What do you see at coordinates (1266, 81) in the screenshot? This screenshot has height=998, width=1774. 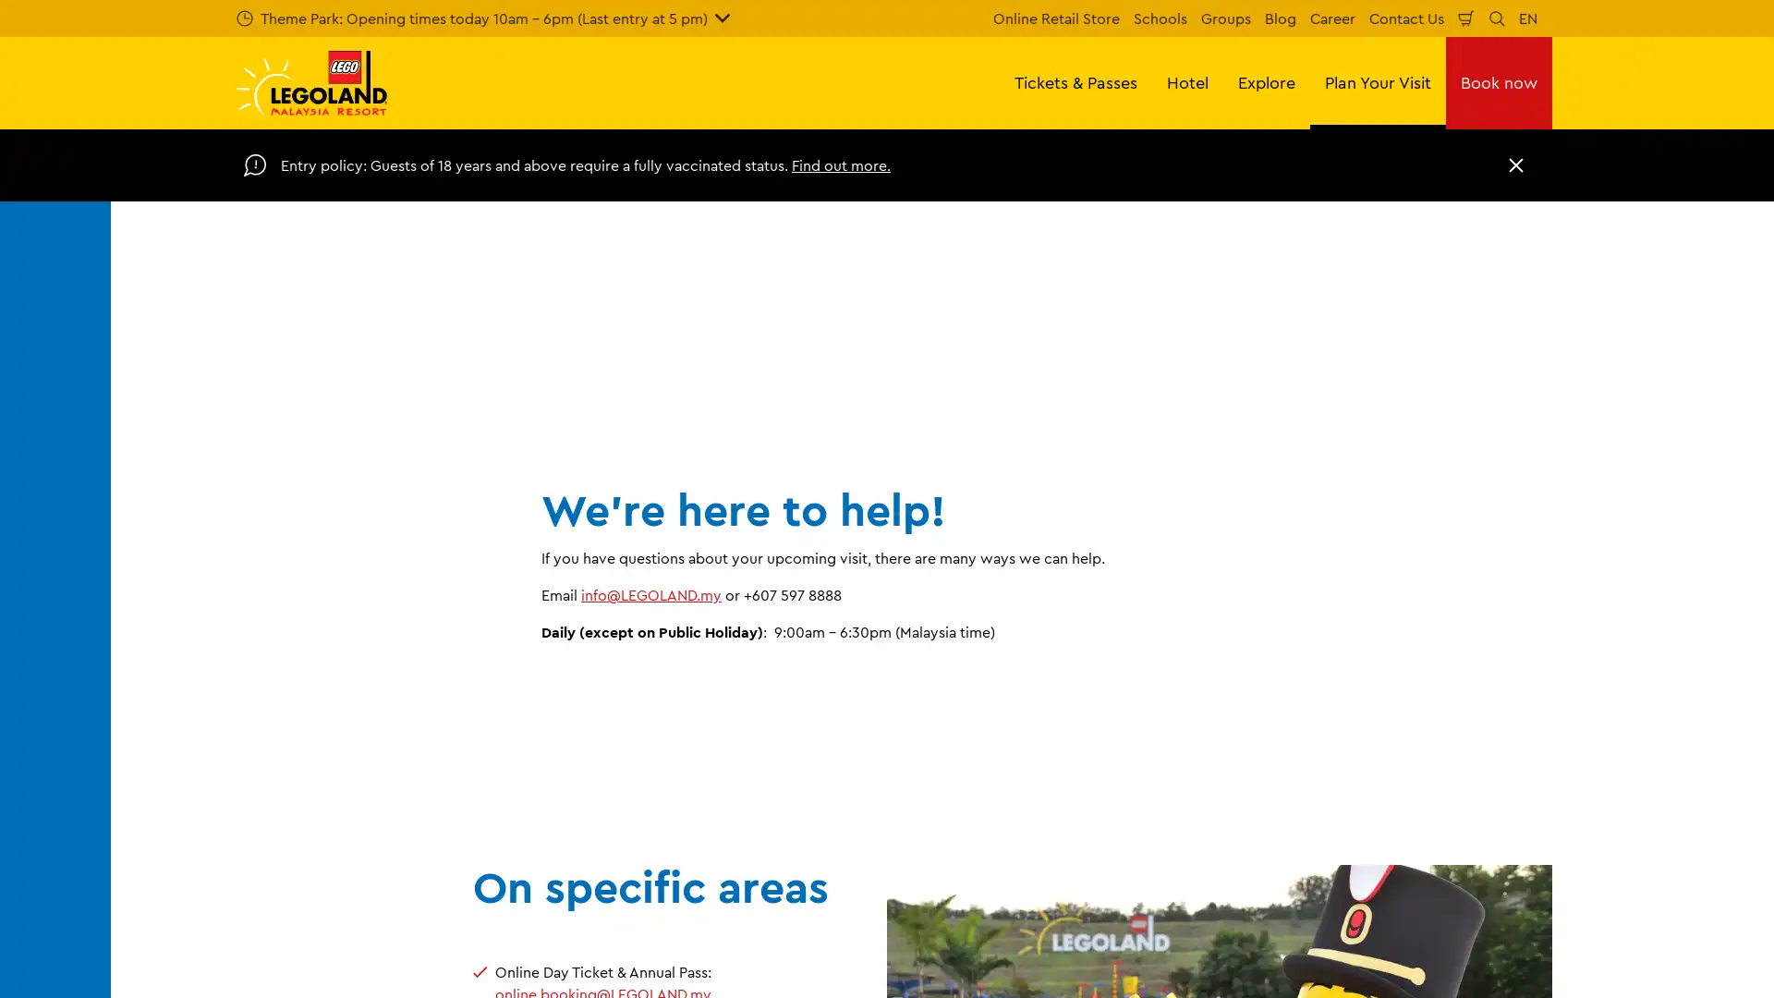 I see `Explore` at bounding box center [1266, 81].